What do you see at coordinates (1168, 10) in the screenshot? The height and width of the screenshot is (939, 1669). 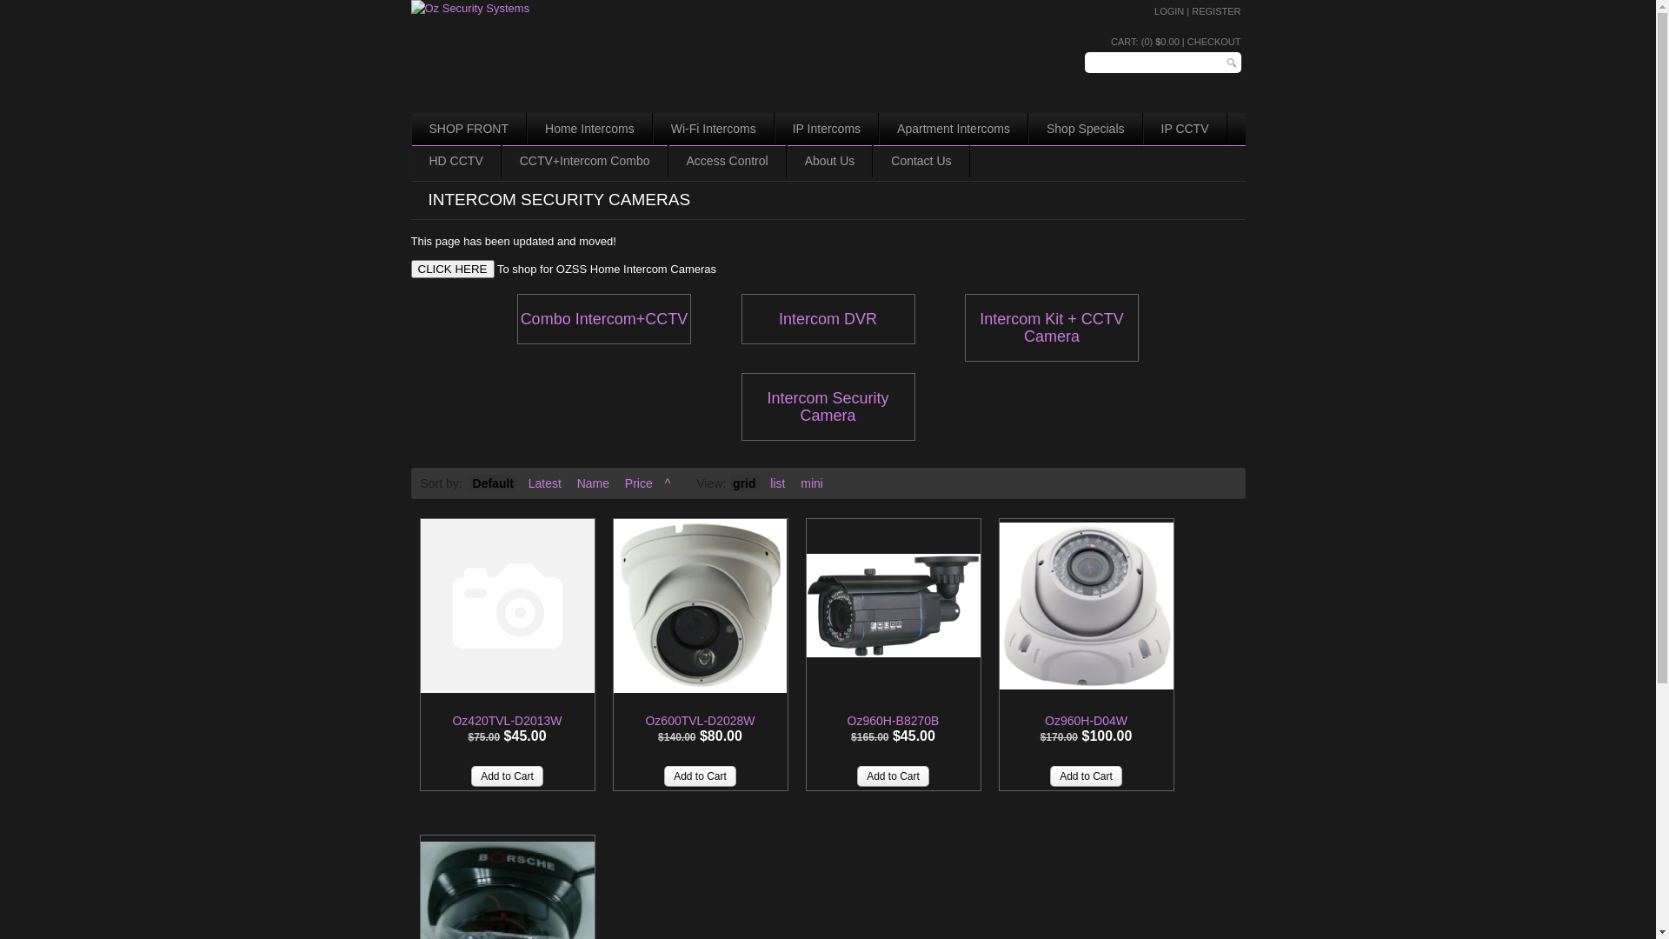 I see `'LOGIN'` at bounding box center [1168, 10].